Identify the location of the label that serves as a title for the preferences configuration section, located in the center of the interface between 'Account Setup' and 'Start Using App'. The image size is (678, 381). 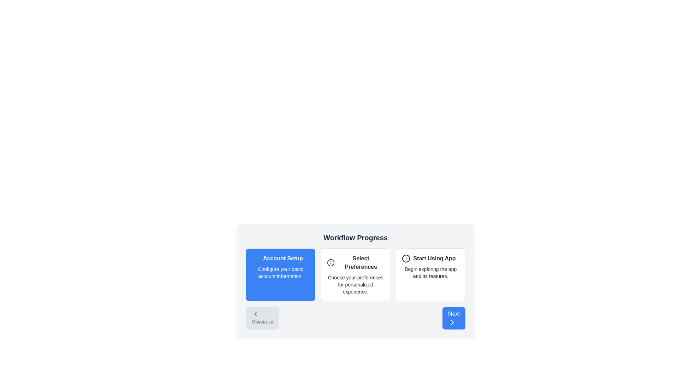
(356, 262).